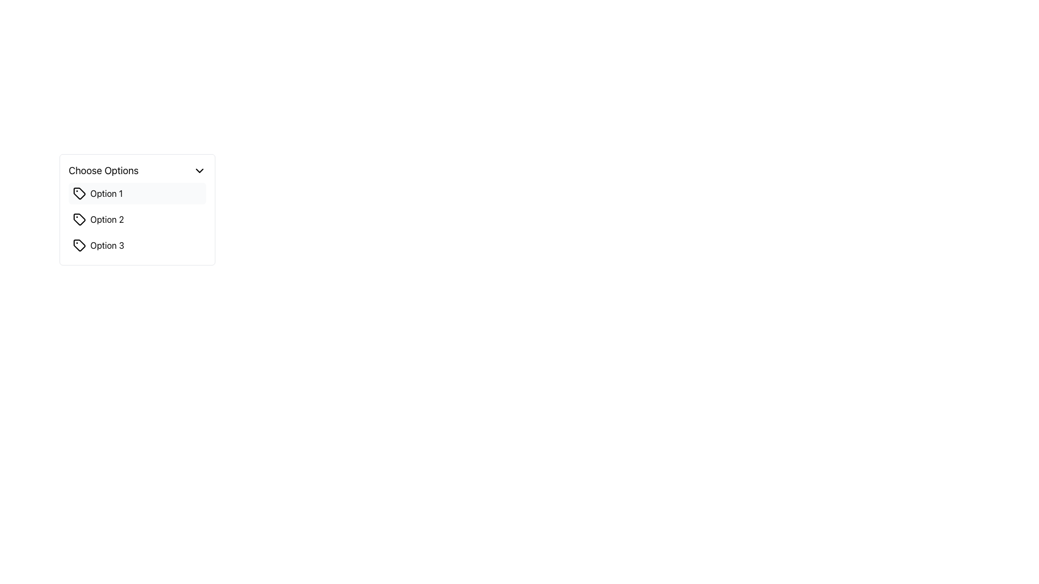 Image resolution: width=1039 pixels, height=584 pixels. Describe the element at coordinates (200, 170) in the screenshot. I see `the dropdown icon located at the top-right corner of the section containing the text 'Choose Options'` at that location.